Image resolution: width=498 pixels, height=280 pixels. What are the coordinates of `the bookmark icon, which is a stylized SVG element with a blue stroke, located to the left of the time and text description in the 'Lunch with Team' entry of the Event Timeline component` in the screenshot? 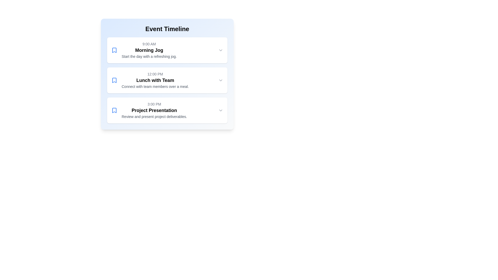 It's located at (114, 80).